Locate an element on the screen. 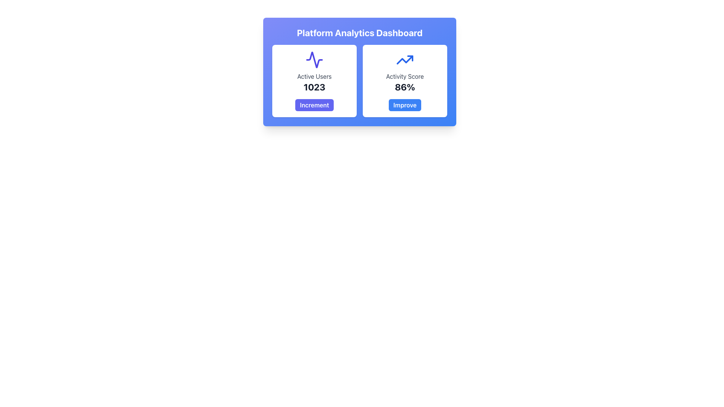 The height and width of the screenshot is (407, 724). the upward trend icon that represents the improvement of the 'Activity Score' metric, located at the top center of the 'Activity Score' card, above the percentage text ('86%') is located at coordinates (405, 59).